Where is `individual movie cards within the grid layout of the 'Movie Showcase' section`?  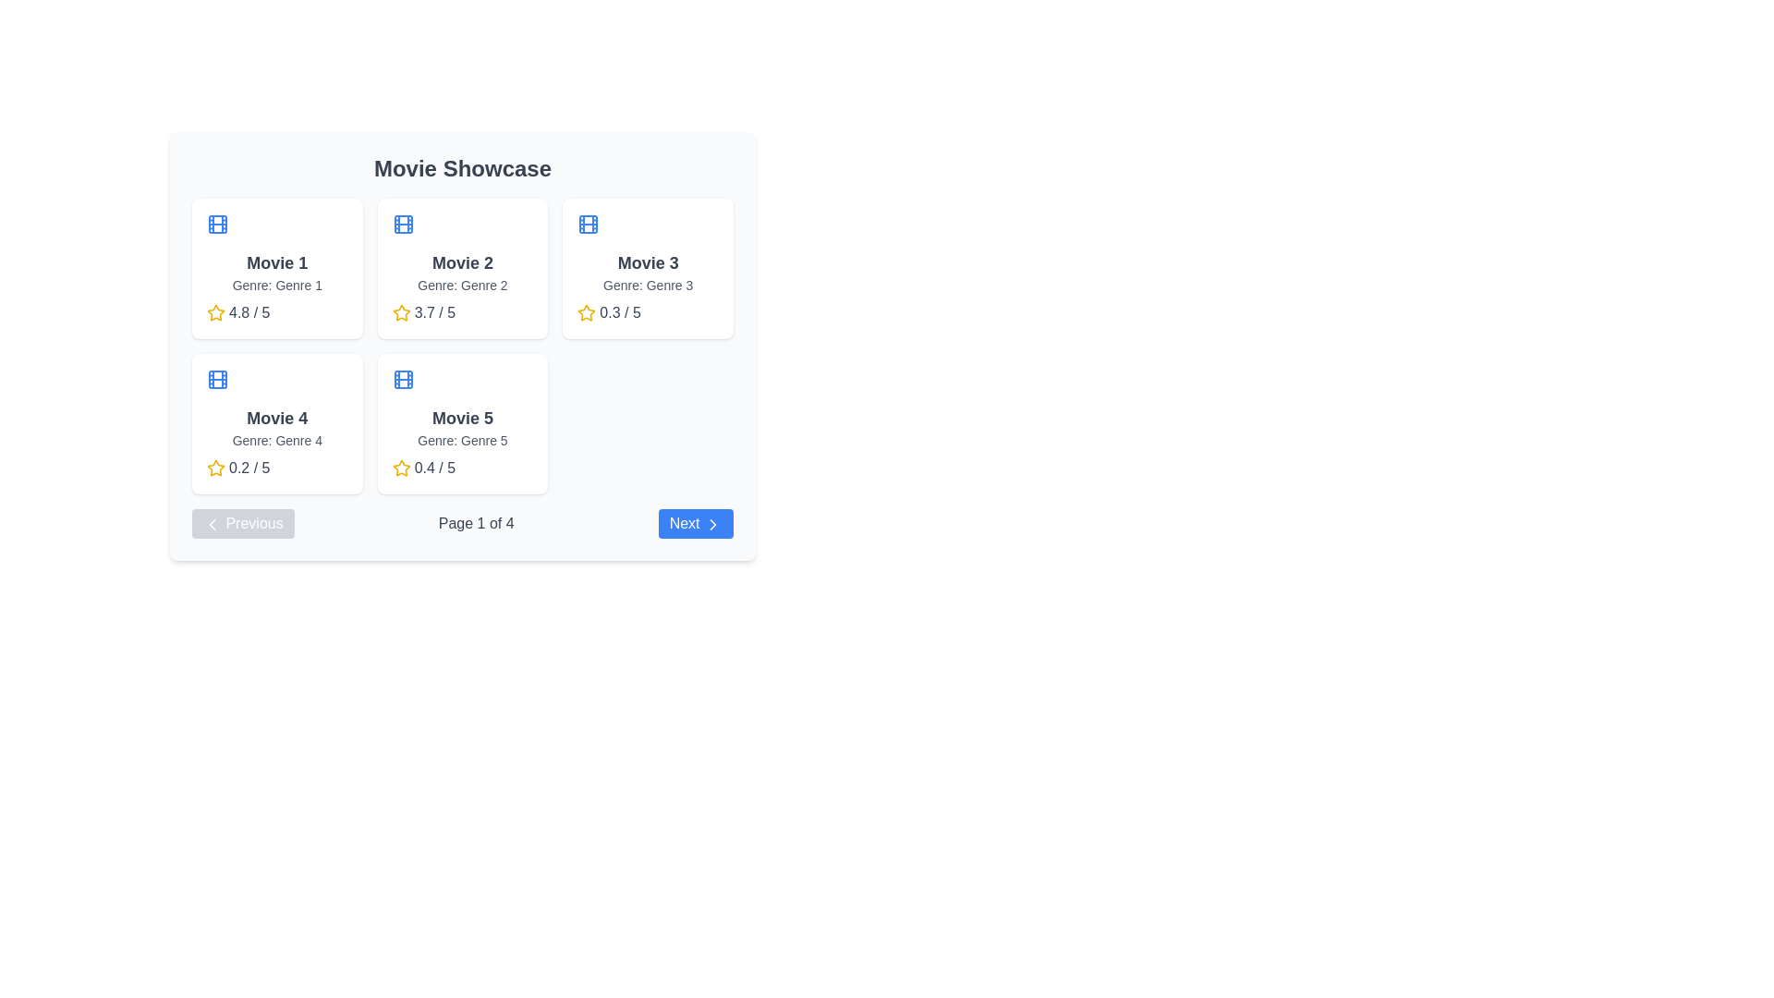
individual movie cards within the grid layout of the 'Movie Showcase' section is located at coordinates (462, 346).